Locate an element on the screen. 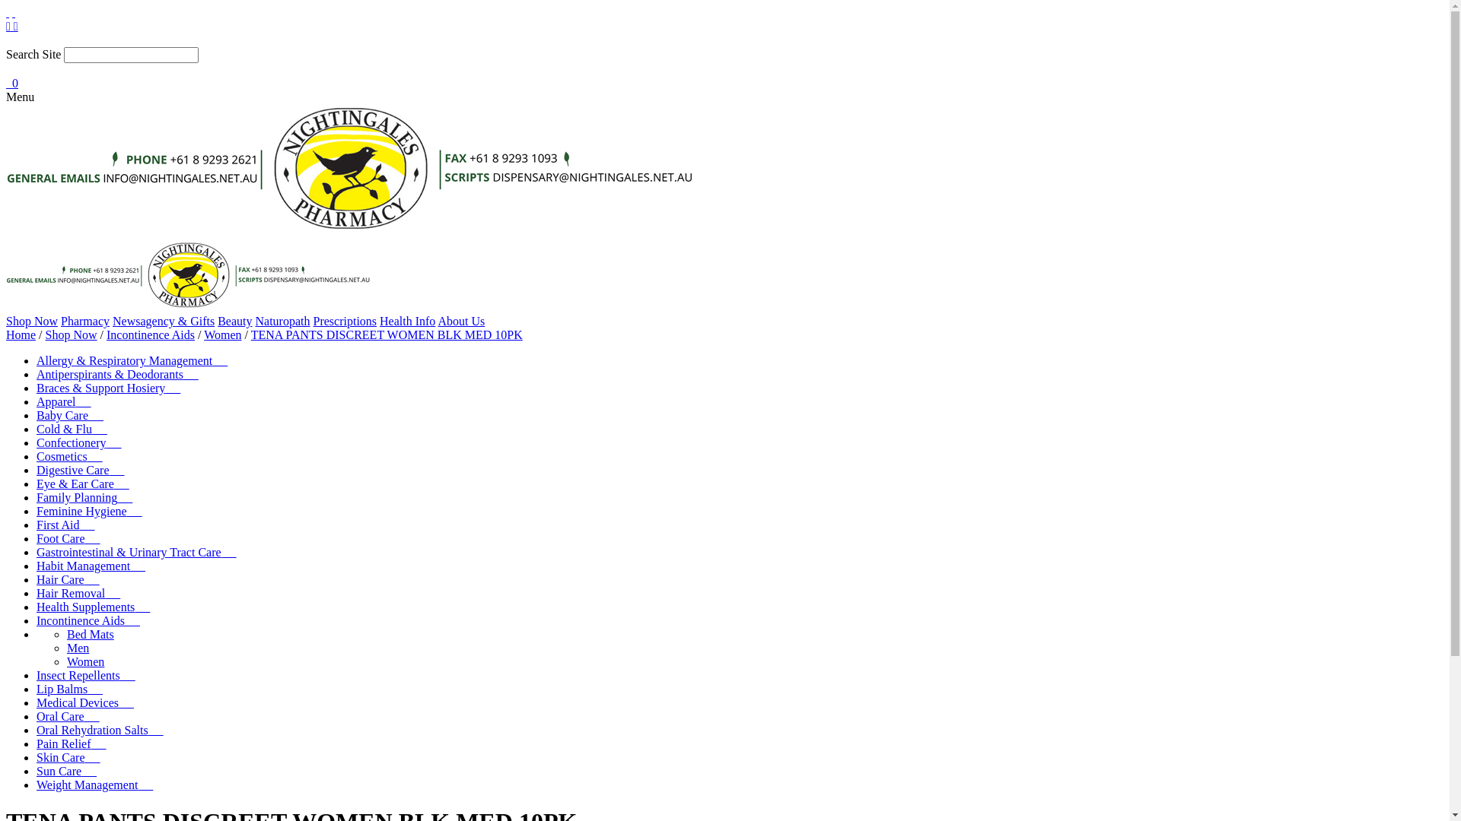  'Facebook' is located at coordinates (10, 26).